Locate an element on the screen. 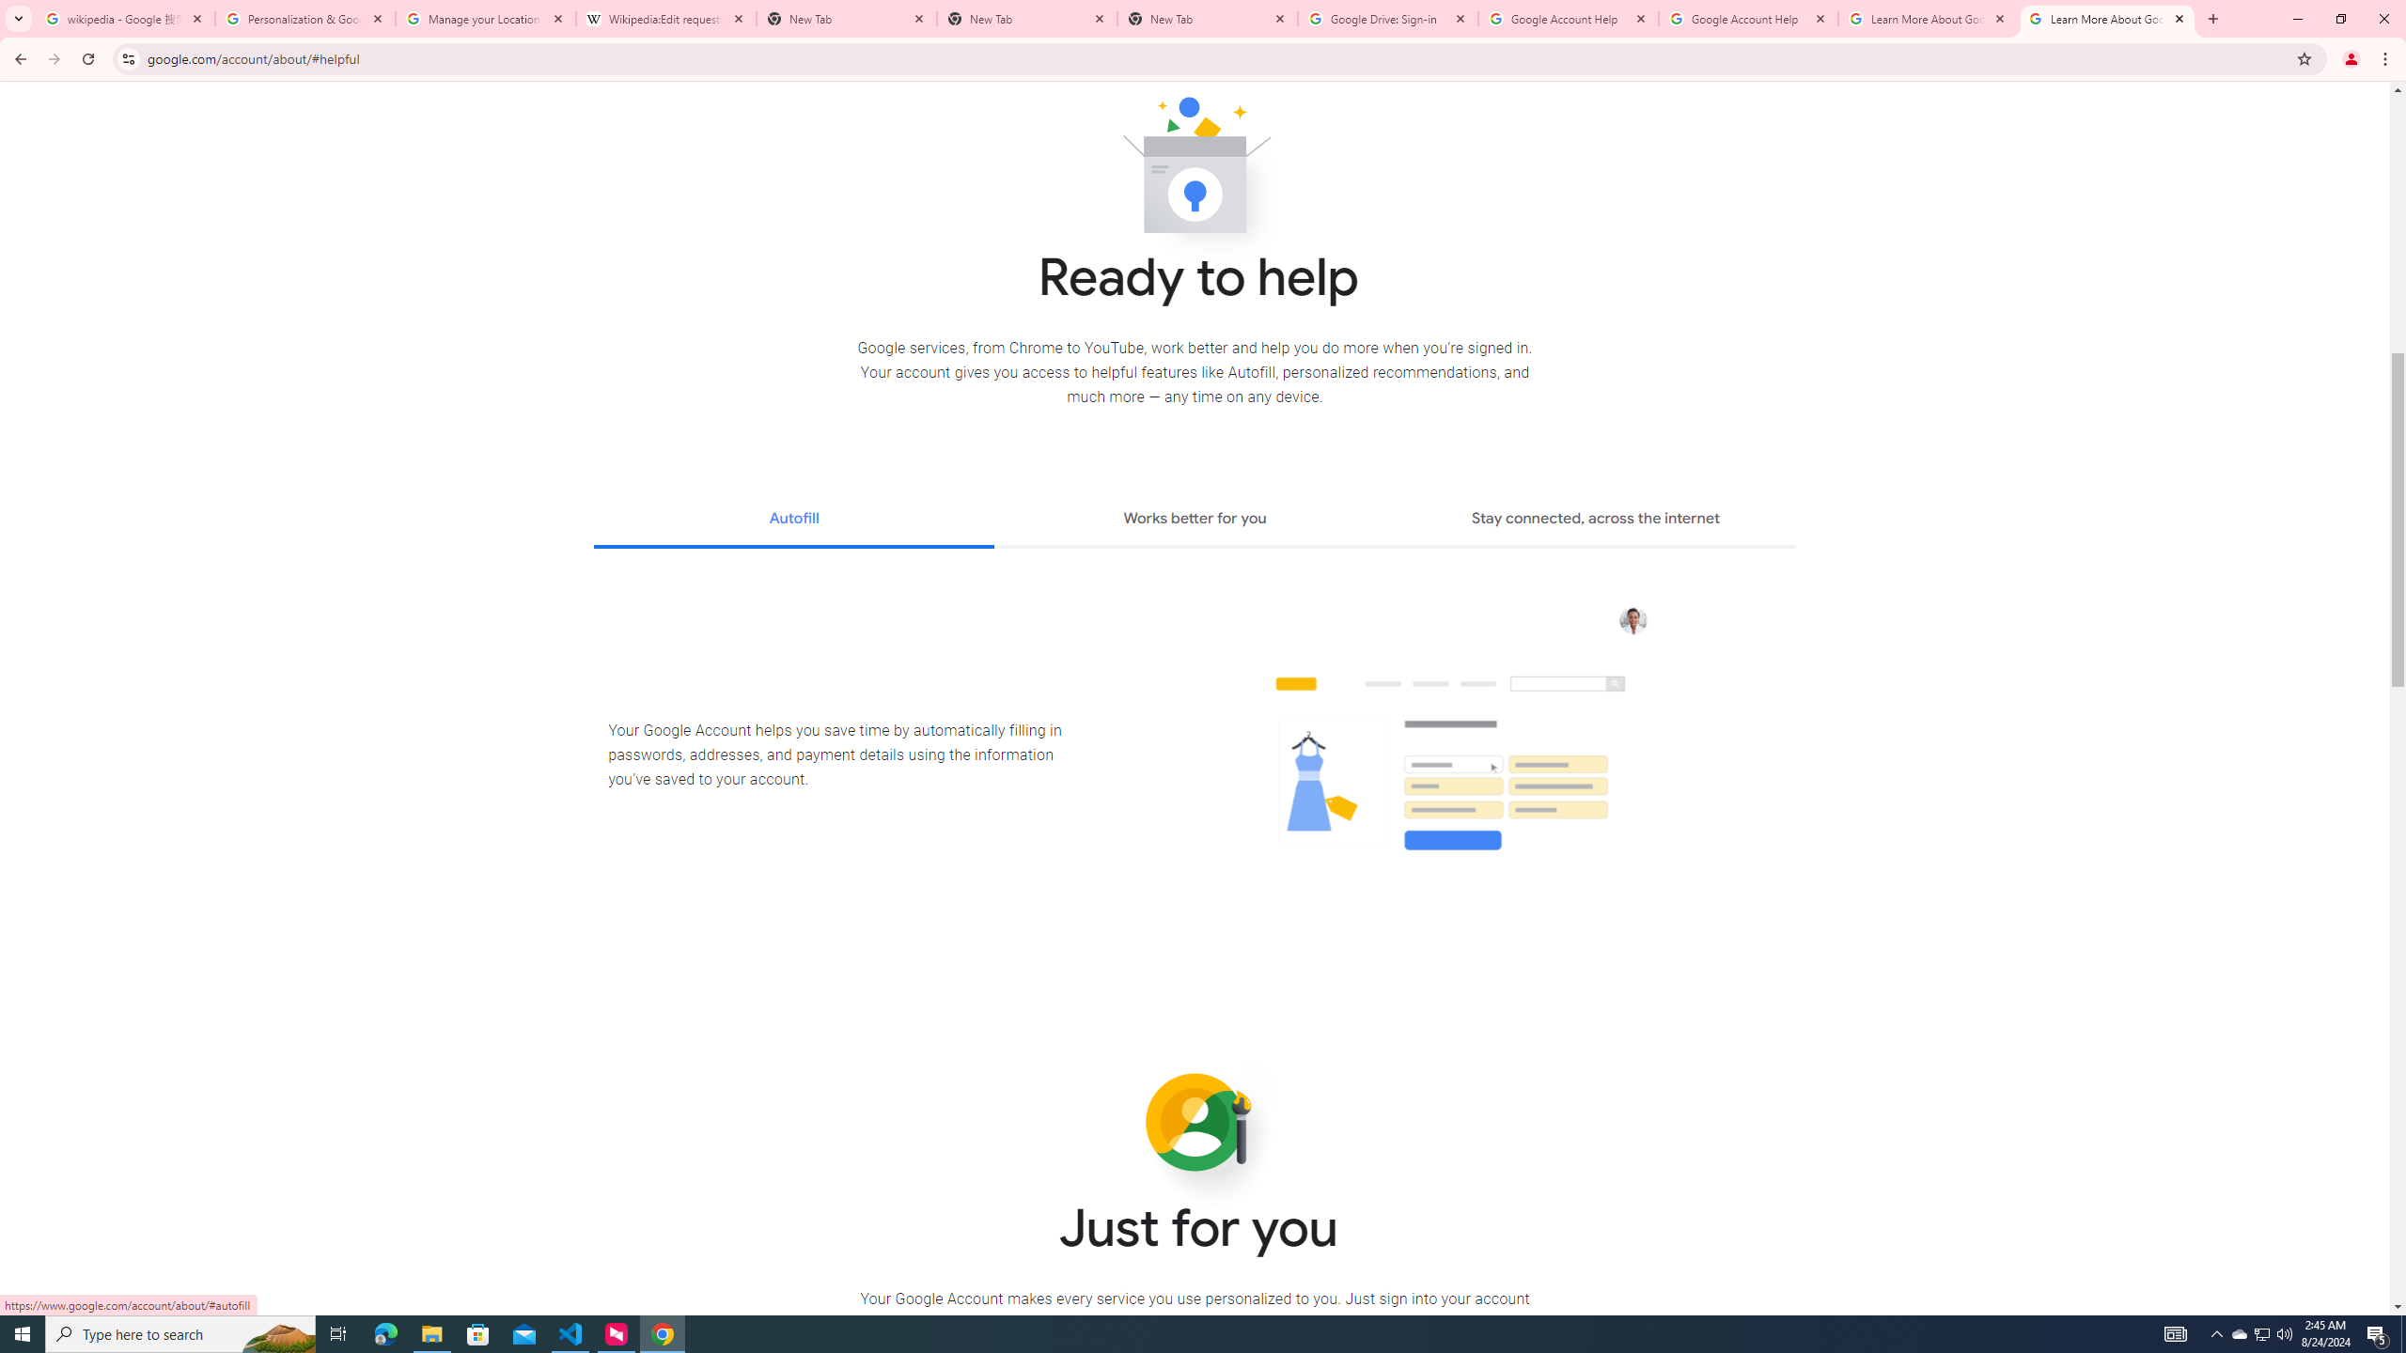  'Personalization & Google Search results - Google Search Help' is located at coordinates (305, 18).